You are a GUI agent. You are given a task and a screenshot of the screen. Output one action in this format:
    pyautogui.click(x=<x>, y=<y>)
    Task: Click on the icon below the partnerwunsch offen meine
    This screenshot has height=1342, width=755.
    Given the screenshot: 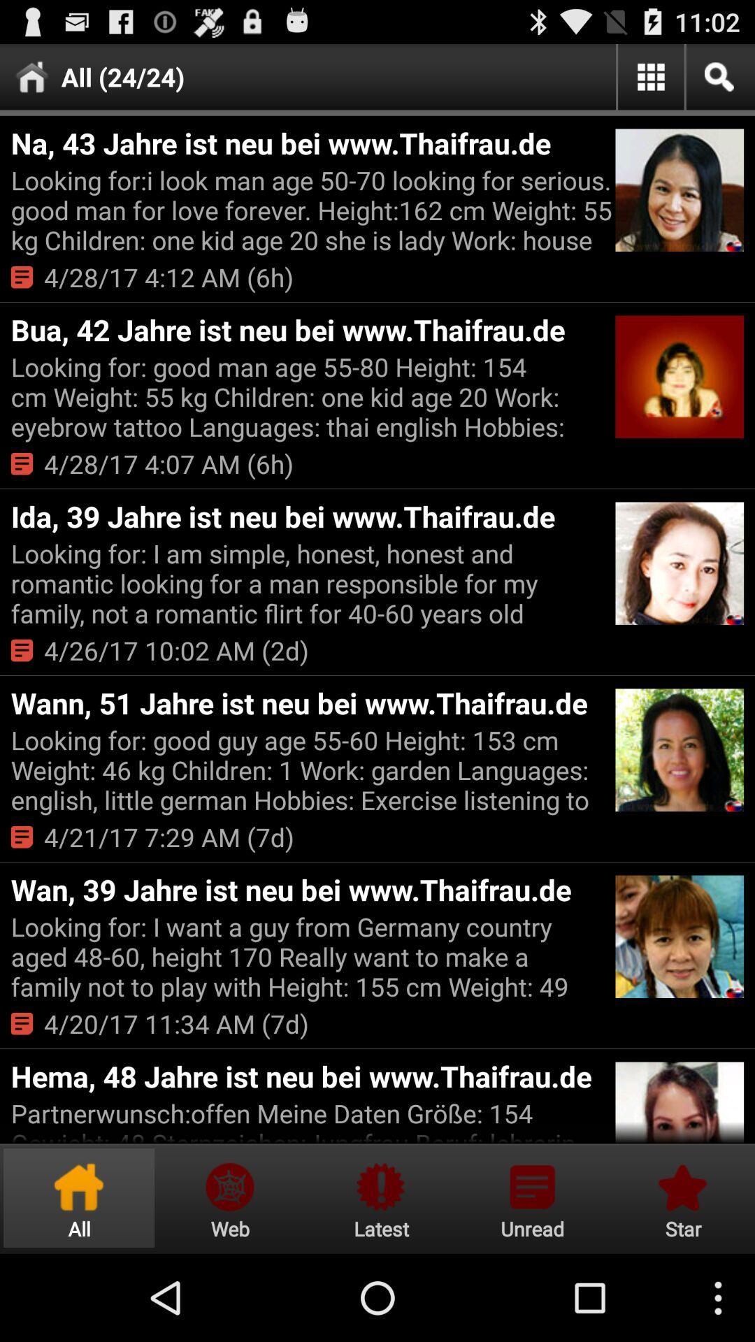 What is the action you would take?
    pyautogui.click(x=229, y=1197)
    